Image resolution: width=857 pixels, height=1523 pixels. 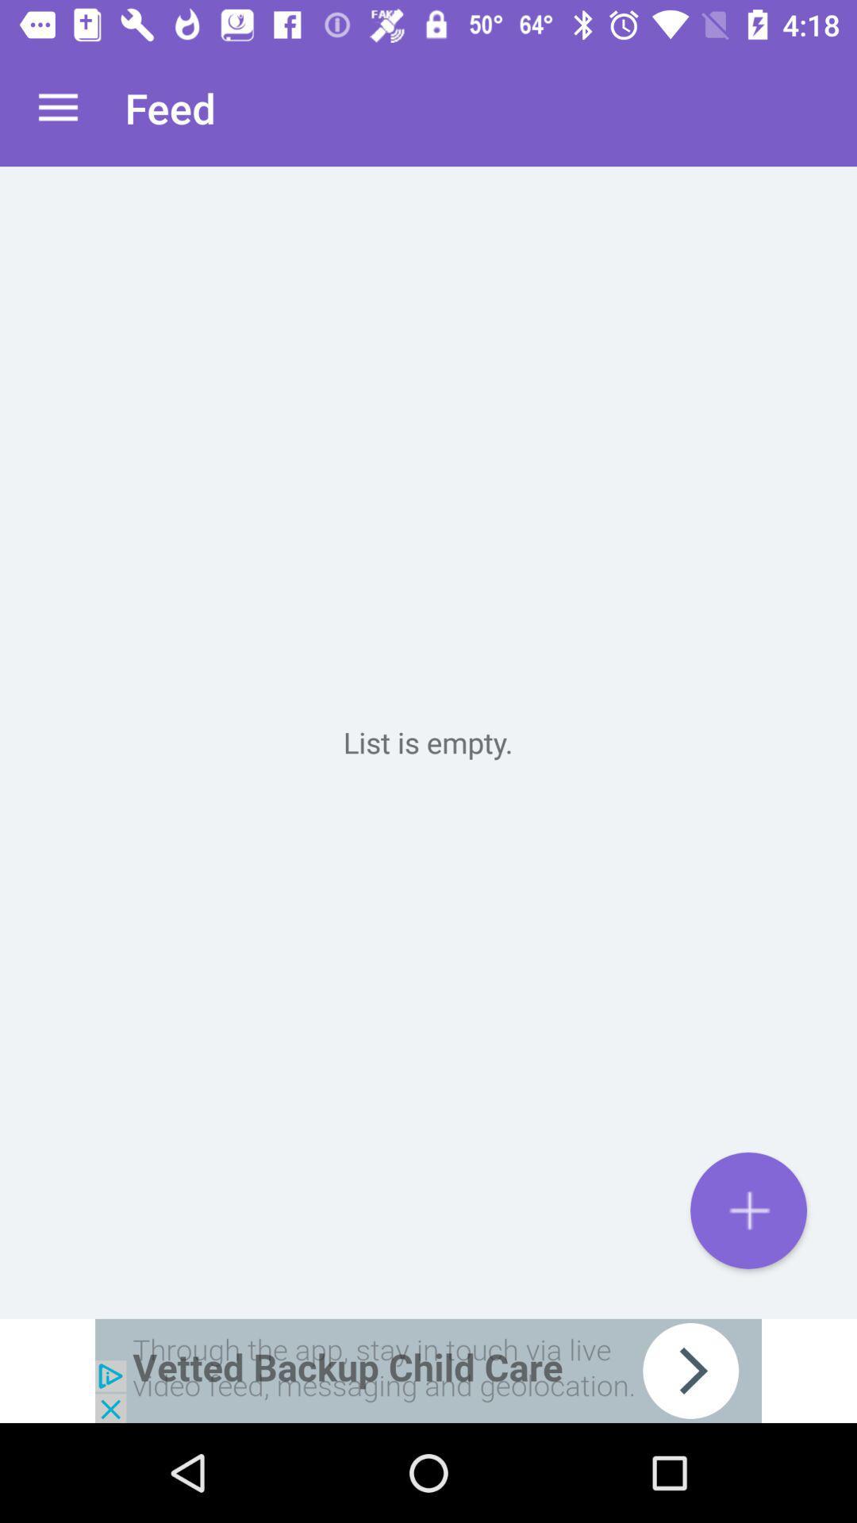 What do you see at coordinates (748, 1210) in the screenshot?
I see `the add icon` at bounding box center [748, 1210].